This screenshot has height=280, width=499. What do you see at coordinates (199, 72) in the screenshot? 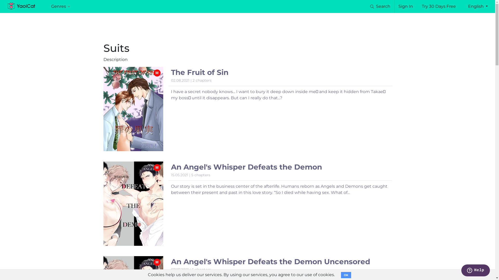
I see `'The Fruit of Sin'` at bounding box center [199, 72].